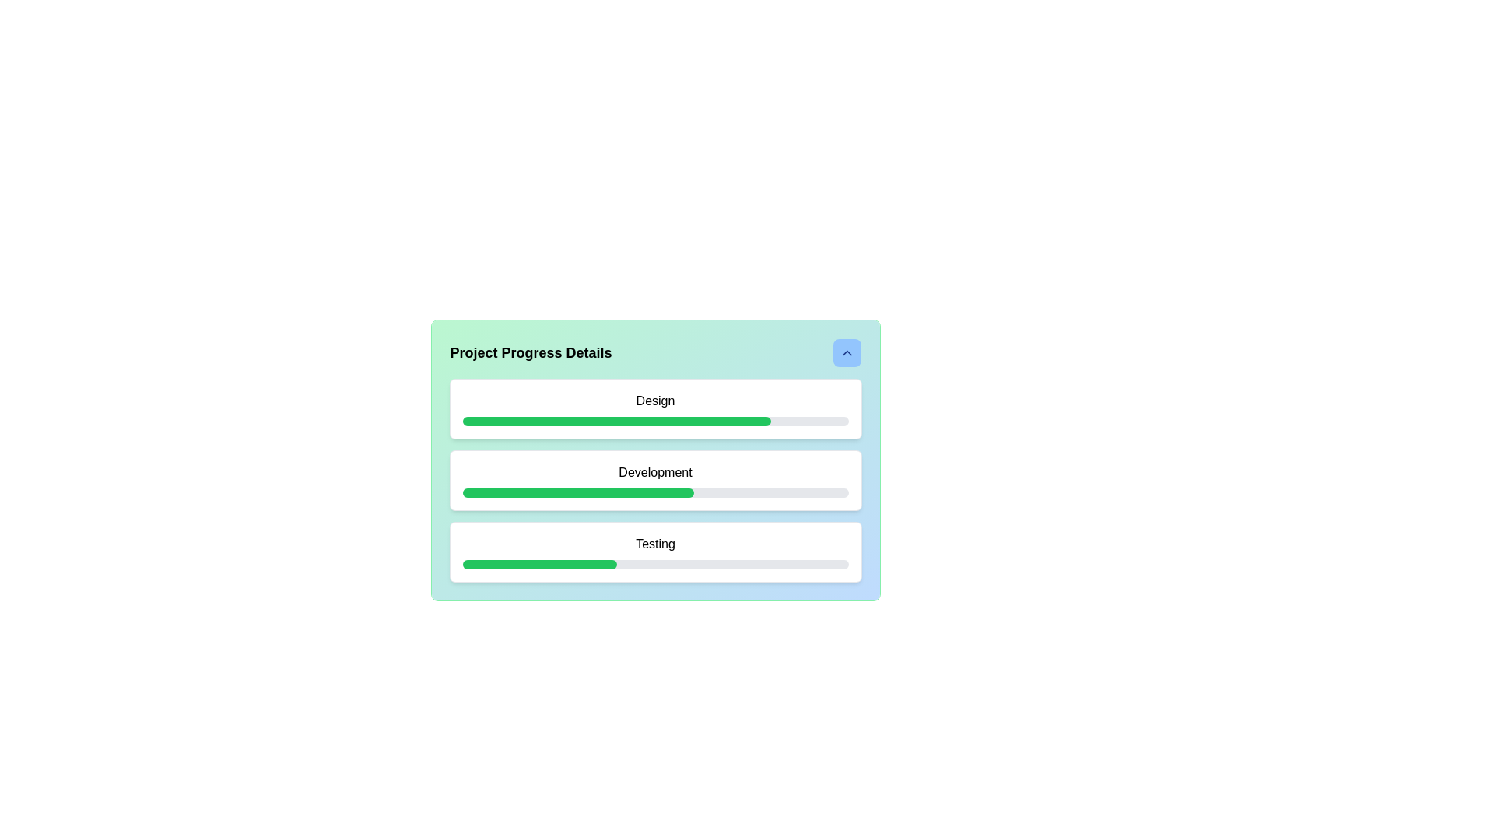 This screenshot has height=840, width=1494. What do you see at coordinates (655, 401) in the screenshot?
I see `the 'Design' phase label located above the progress bar in the project progress card` at bounding box center [655, 401].